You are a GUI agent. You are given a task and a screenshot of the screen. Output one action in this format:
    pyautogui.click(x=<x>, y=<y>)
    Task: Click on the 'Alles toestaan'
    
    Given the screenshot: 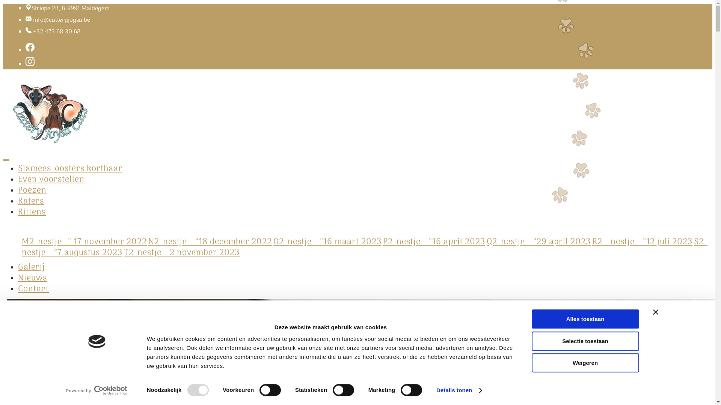 What is the action you would take?
    pyautogui.click(x=585, y=319)
    